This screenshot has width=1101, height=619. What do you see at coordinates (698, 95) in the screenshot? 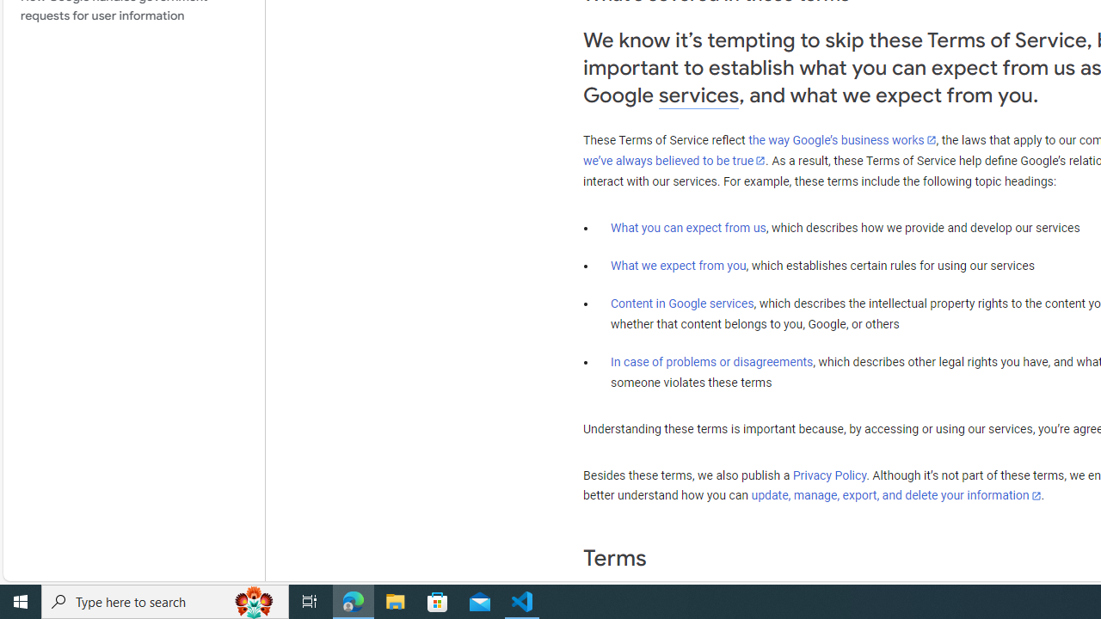
I see `'services'` at bounding box center [698, 95].